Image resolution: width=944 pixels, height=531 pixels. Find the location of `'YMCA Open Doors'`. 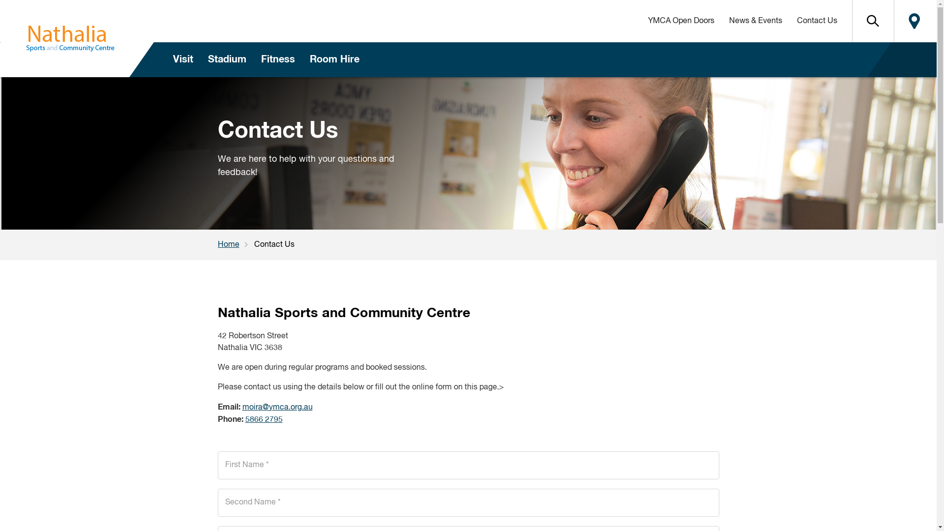

'YMCA Open Doors' is located at coordinates (640, 21).